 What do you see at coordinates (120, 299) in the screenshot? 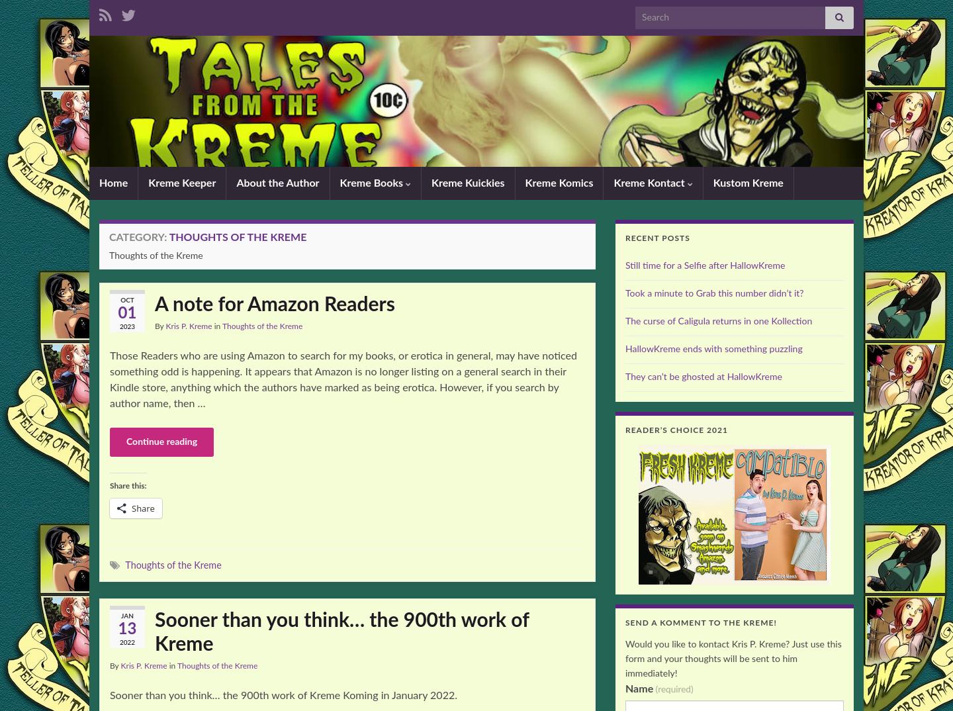
I see `'Oct'` at bounding box center [120, 299].